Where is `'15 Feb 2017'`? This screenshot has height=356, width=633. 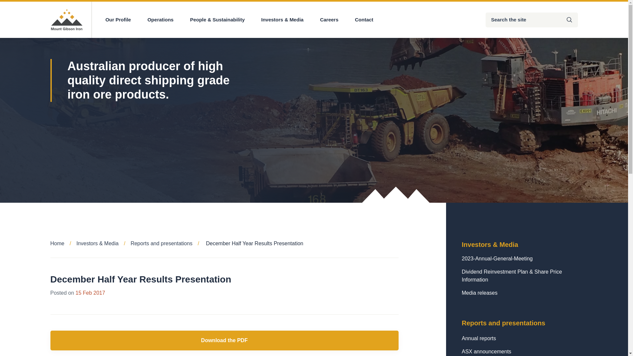
'15 Feb 2017' is located at coordinates (75, 292).